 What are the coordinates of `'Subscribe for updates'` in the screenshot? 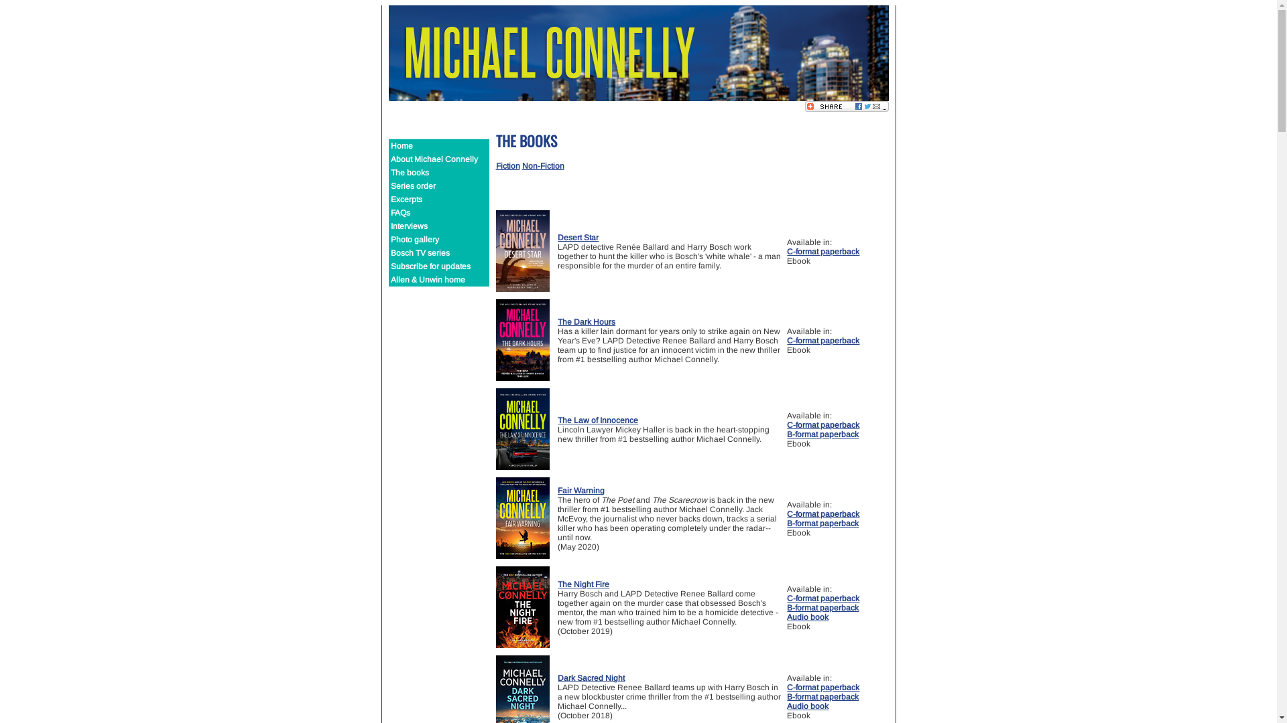 It's located at (438, 266).